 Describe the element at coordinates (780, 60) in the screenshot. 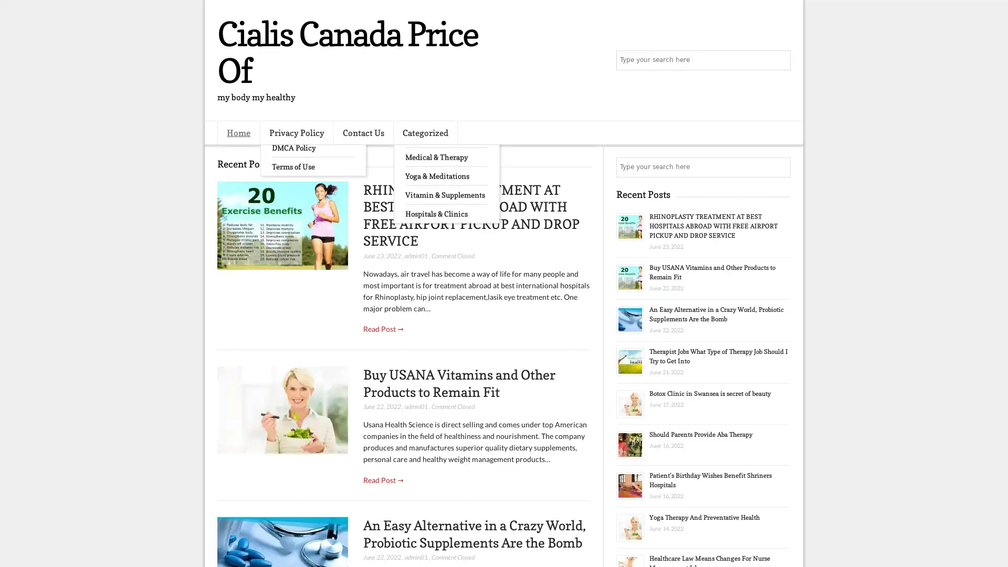

I see `Search` at that location.